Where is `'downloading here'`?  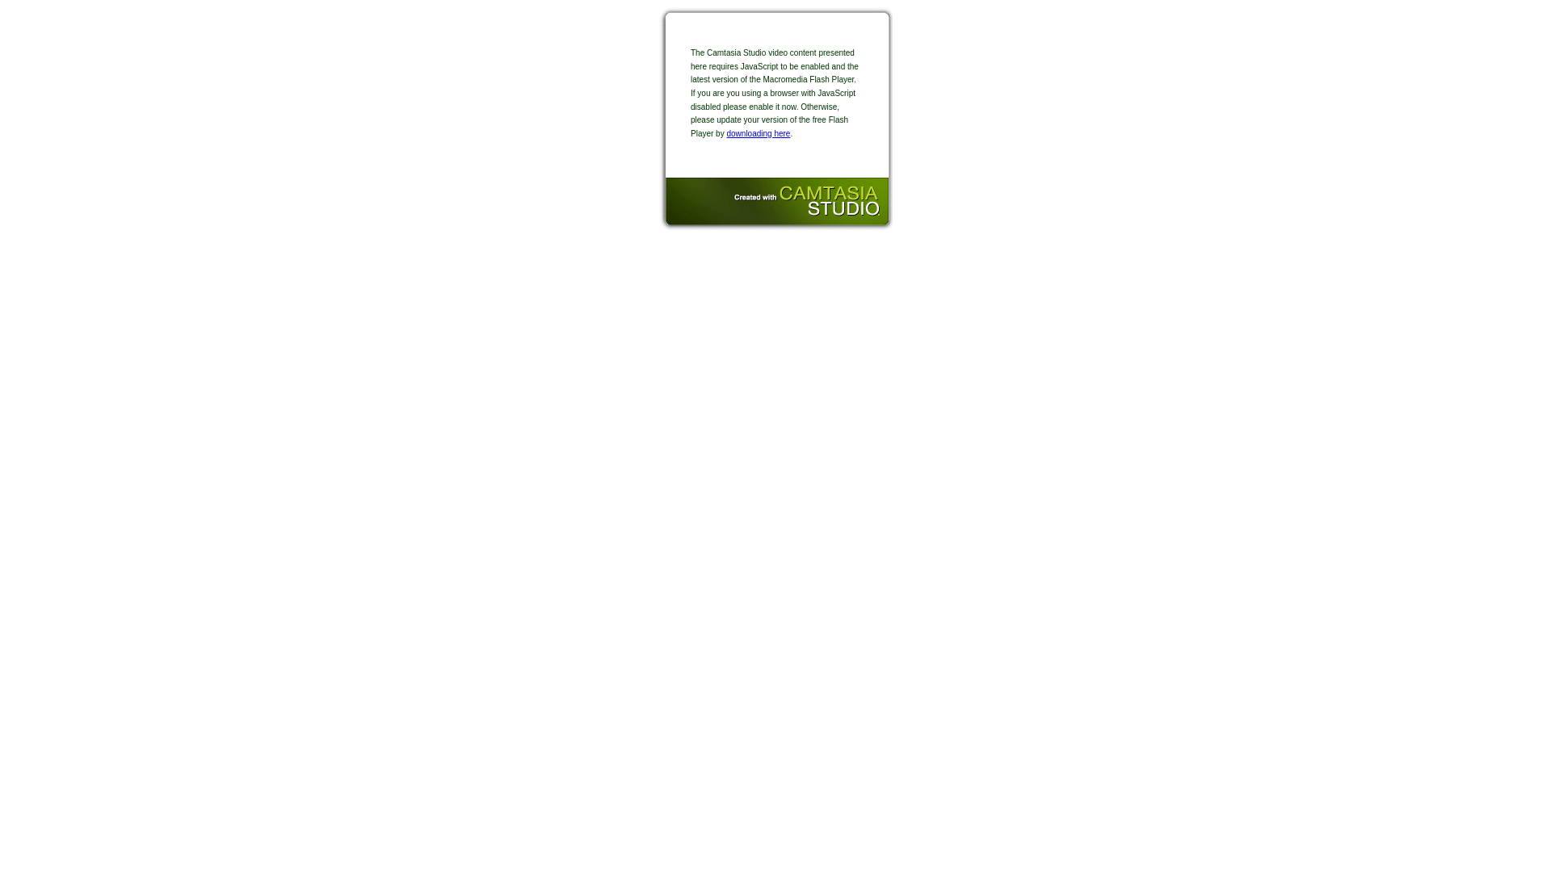
'downloading here' is located at coordinates (757, 132).